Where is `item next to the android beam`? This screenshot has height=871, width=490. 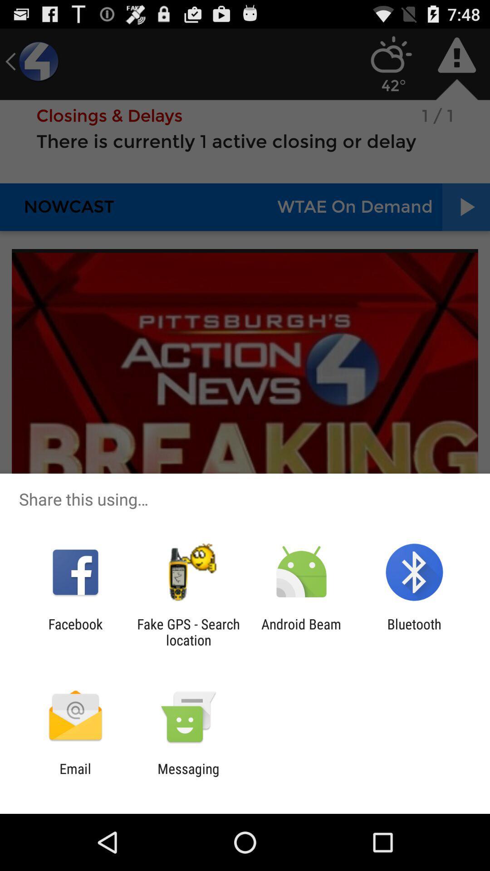
item next to the android beam is located at coordinates (188, 631).